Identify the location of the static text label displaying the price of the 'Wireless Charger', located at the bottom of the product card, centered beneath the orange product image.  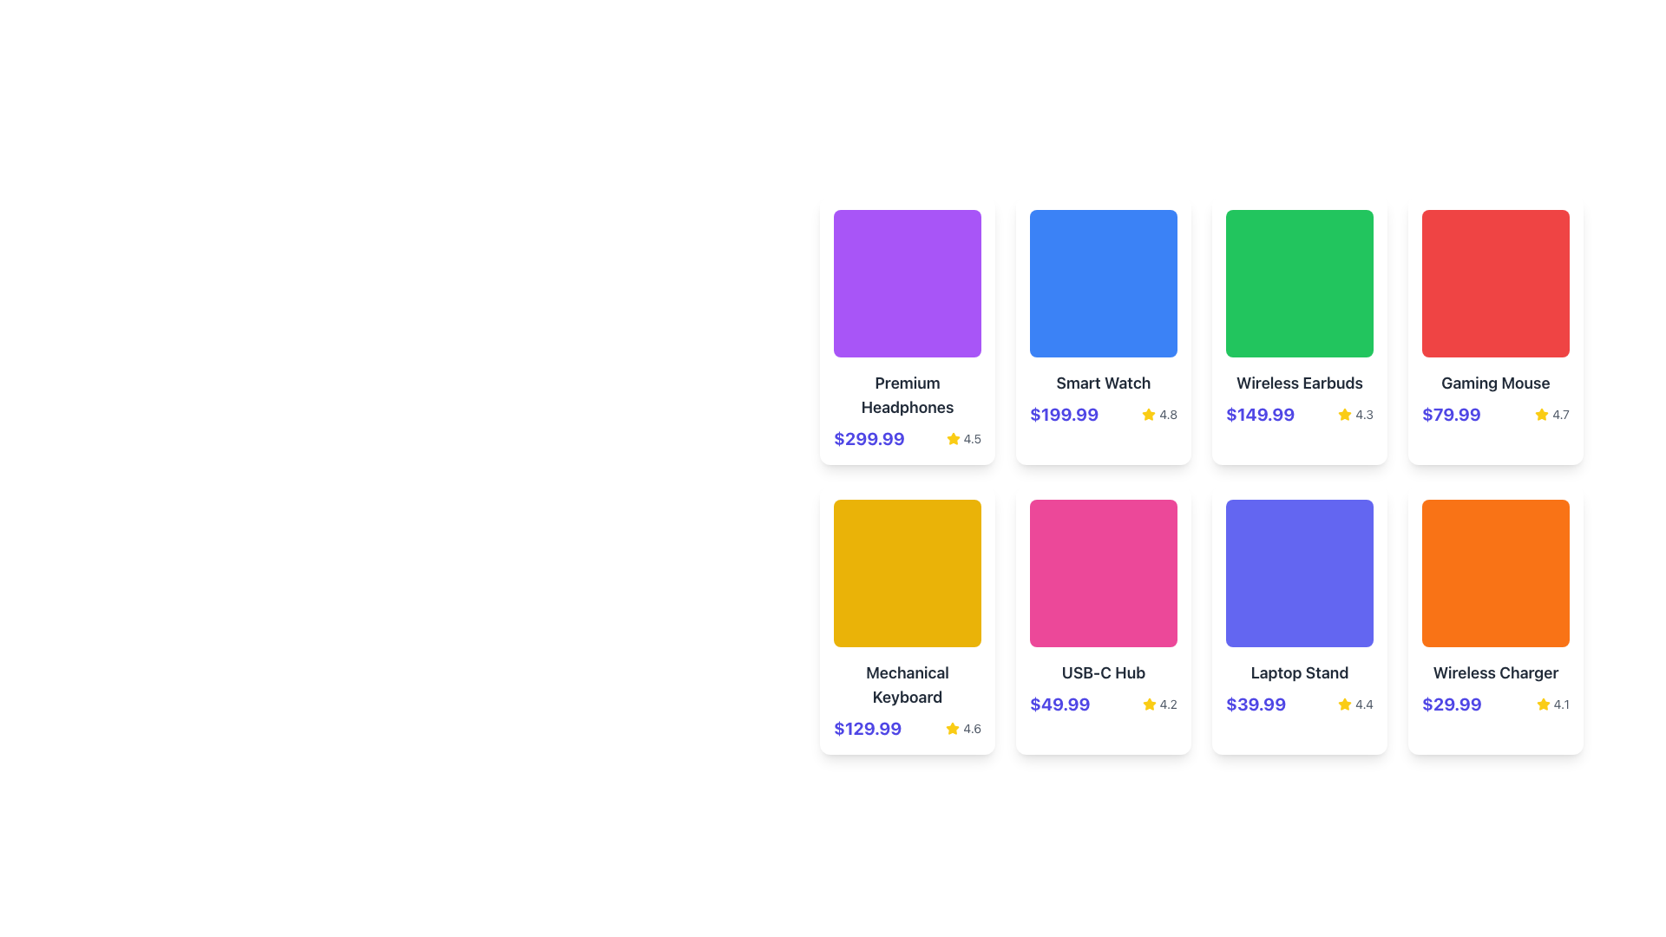
(1452, 704).